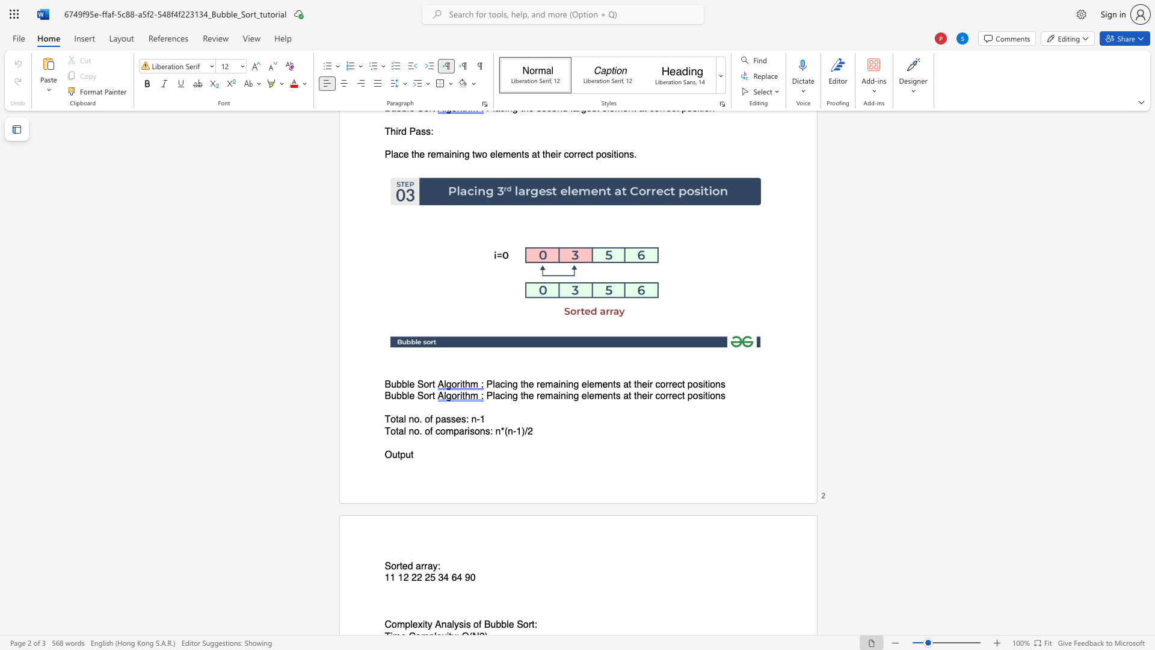 The height and width of the screenshot is (650, 1155). What do you see at coordinates (406, 396) in the screenshot?
I see `the space between the continuous character "b" and "l" in the text` at bounding box center [406, 396].